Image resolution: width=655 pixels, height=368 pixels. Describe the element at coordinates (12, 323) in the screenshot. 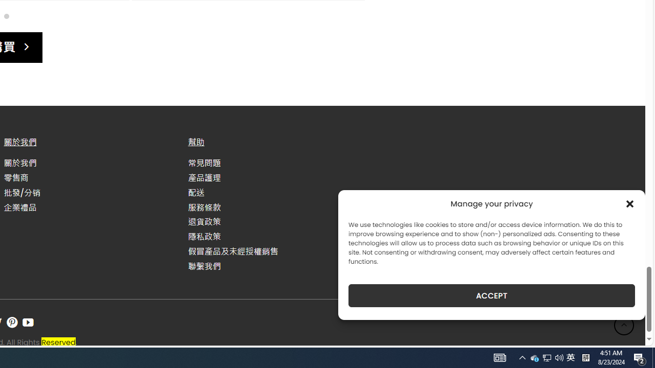

I see `'Follow on Pinterest'` at that location.